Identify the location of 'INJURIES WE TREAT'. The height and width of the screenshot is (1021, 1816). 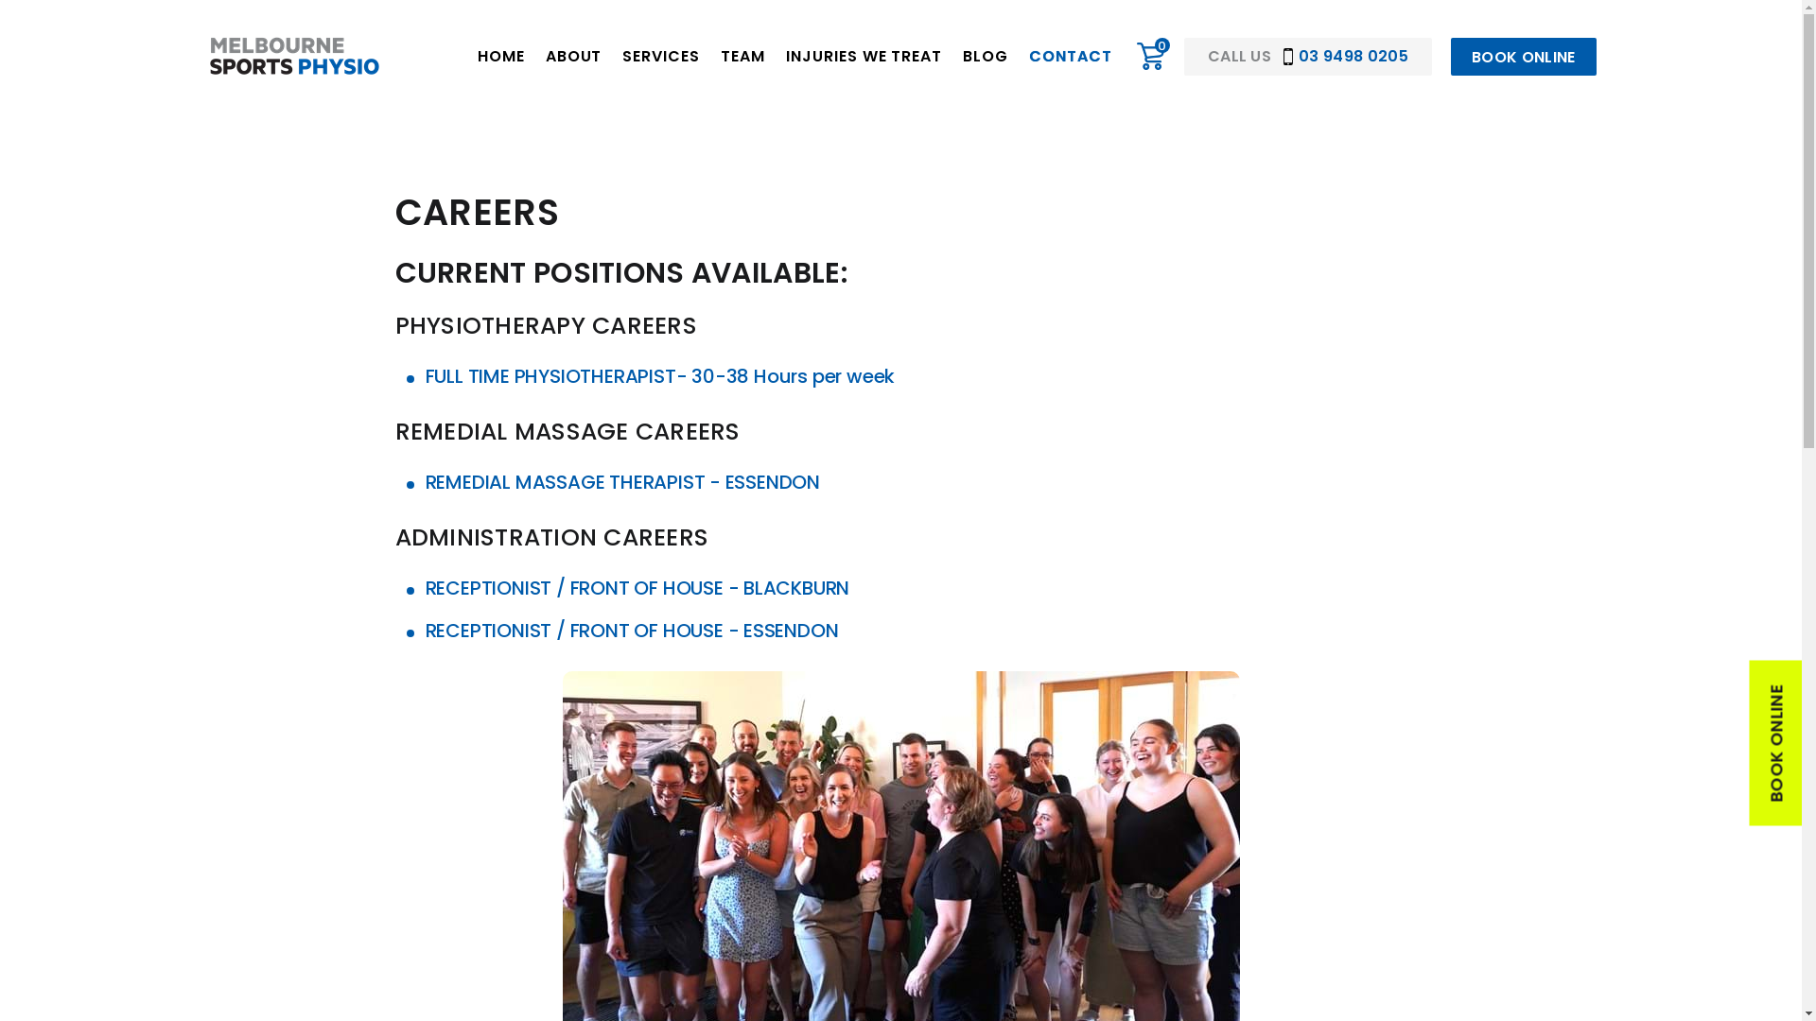
(863, 56).